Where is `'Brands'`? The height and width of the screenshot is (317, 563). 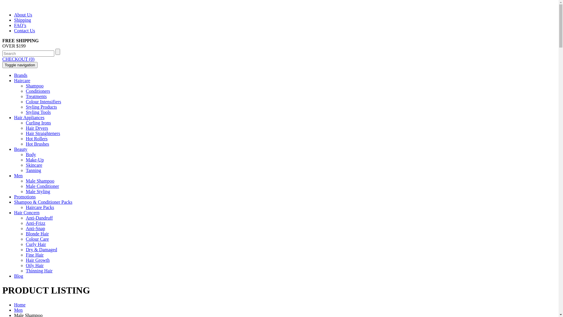 'Brands' is located at coordinates (21, 75).